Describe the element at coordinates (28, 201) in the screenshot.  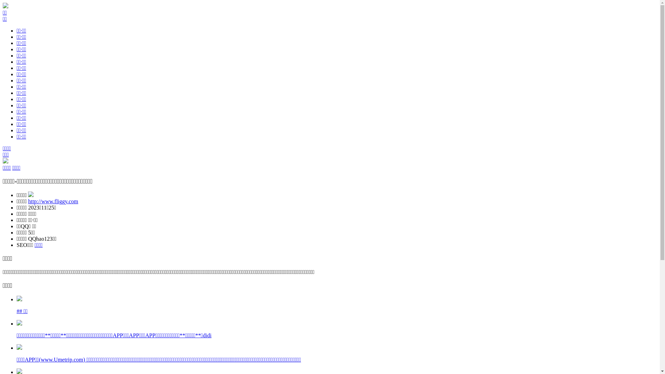
I see `'http://www.fliggy.com'` at that location.